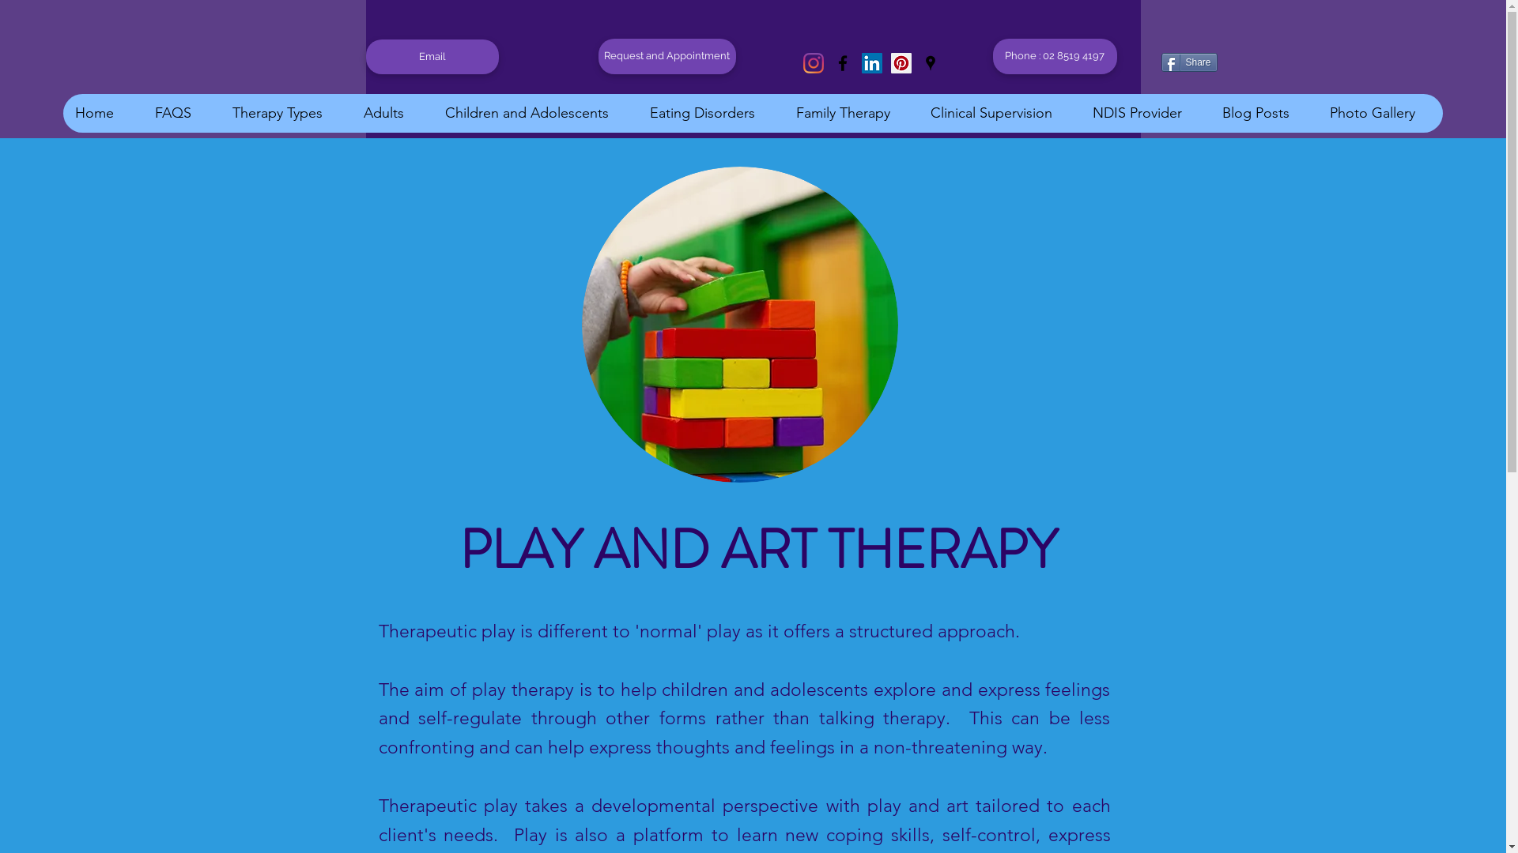 This screenshot has width=1518, height=853. I want to click on 'Request and Appointment', so click(666, 55).